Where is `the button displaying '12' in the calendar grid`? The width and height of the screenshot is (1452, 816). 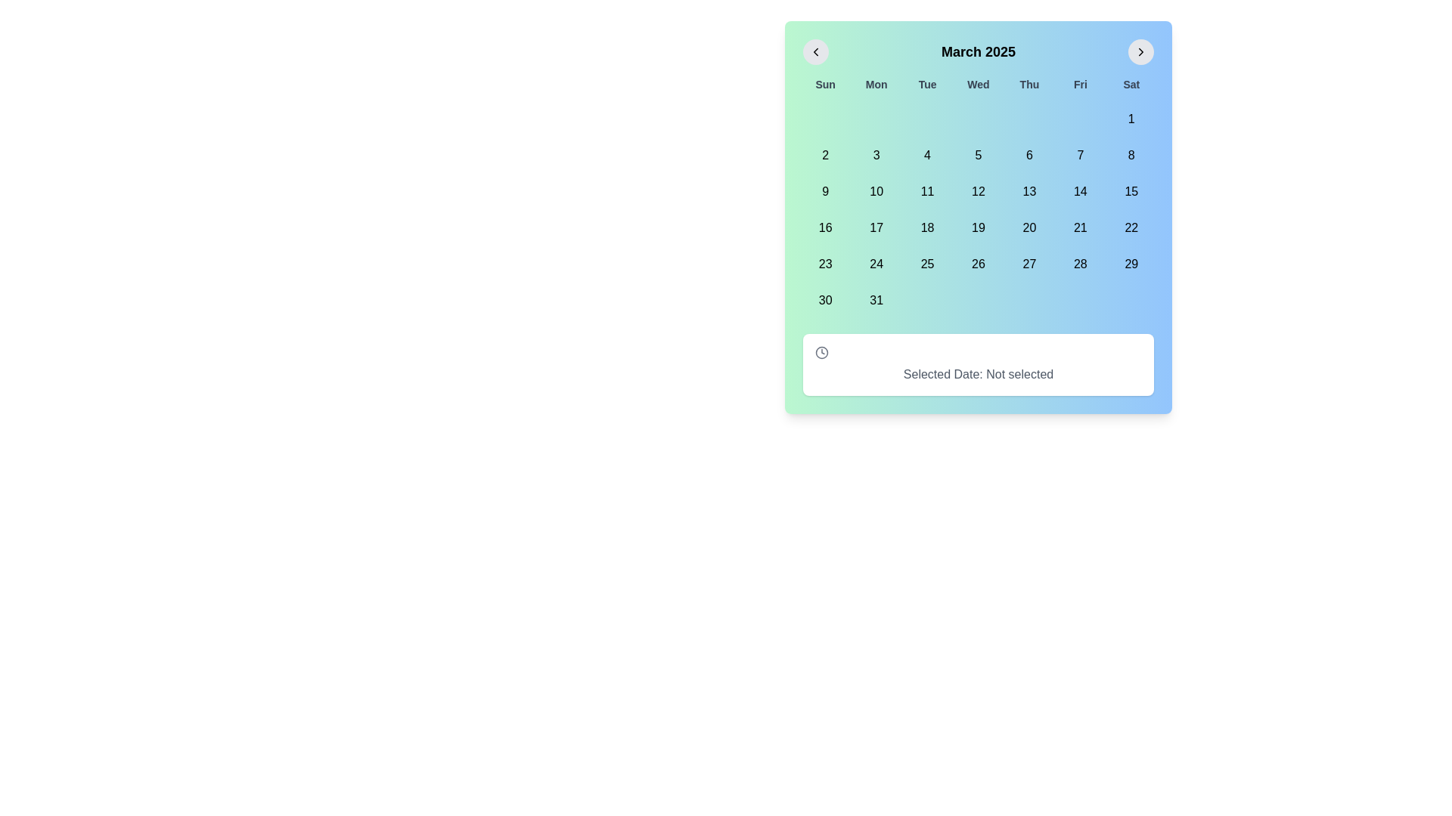 the button displaying '12' in the calendar grid is located at coordinates (979, 191).